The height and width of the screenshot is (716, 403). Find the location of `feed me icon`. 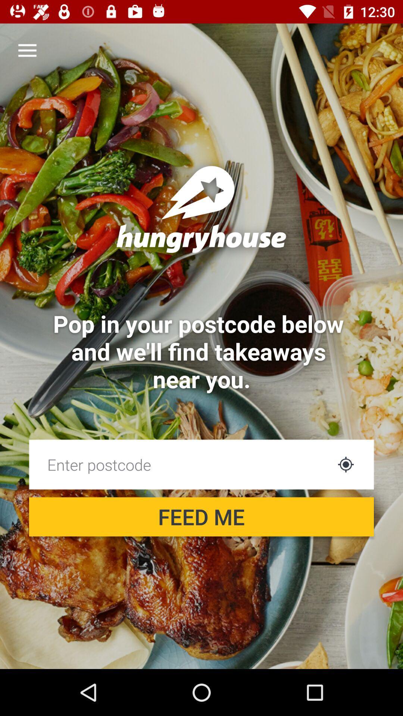

feed me icon is located at coordinates (201, 516).